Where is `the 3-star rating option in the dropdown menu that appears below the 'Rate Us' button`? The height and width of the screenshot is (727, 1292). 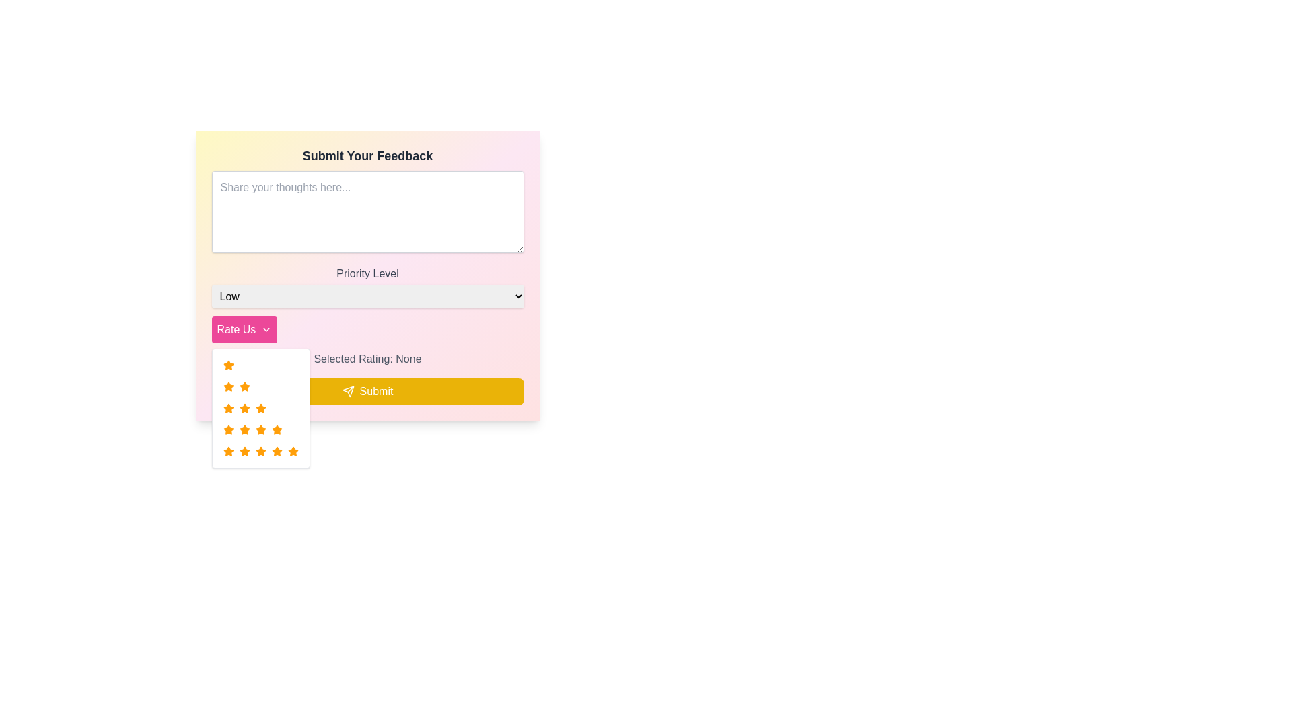
the 3-star rating option in the dropdown menu that appears below the 'Rate Us' button is located at coordinates (260, 407).